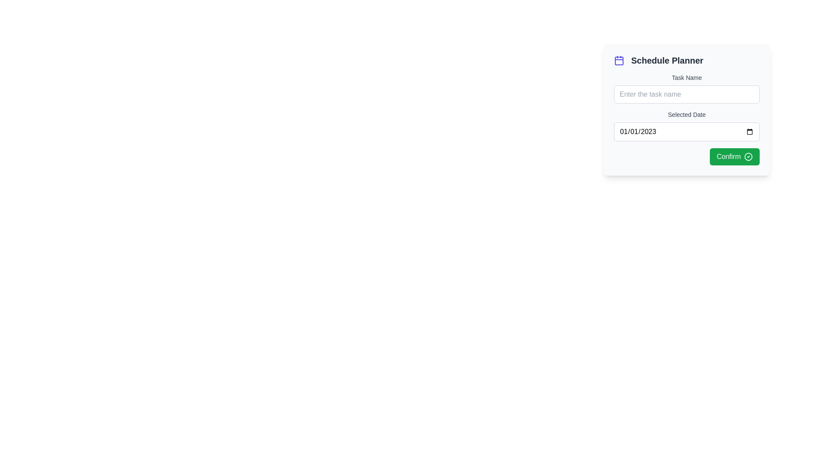 The width and height of the screenshot is (825, 464). Describe the element at coordinates (748, 157) in the screenshot. I see `the confirmation button labeled 'Confirm' that contains the completed check action icon, located at the bottom-right corner of the visible card interface` at that location.